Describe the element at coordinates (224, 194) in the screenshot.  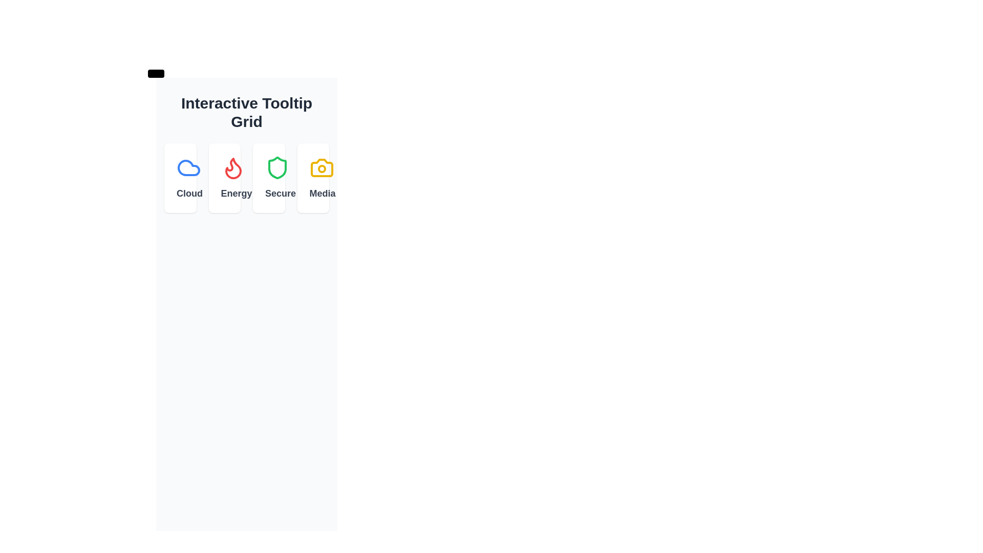
I see `the 'Energy' text label, which is positioned beneath a flame-shape icon in the second card of a horizontal arrangement of four cards` at that location.